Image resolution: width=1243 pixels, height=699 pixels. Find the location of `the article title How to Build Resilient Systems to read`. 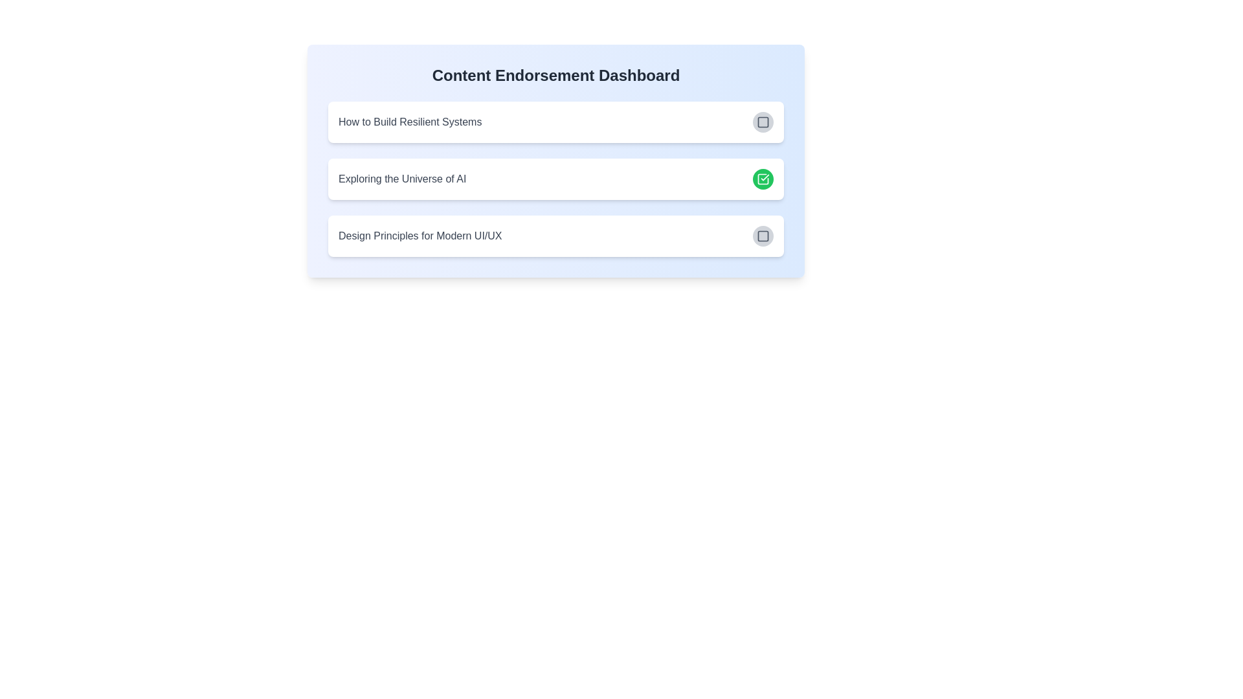

the article title How to Build Resilient Systems to read is located at coordinates (409, 122).